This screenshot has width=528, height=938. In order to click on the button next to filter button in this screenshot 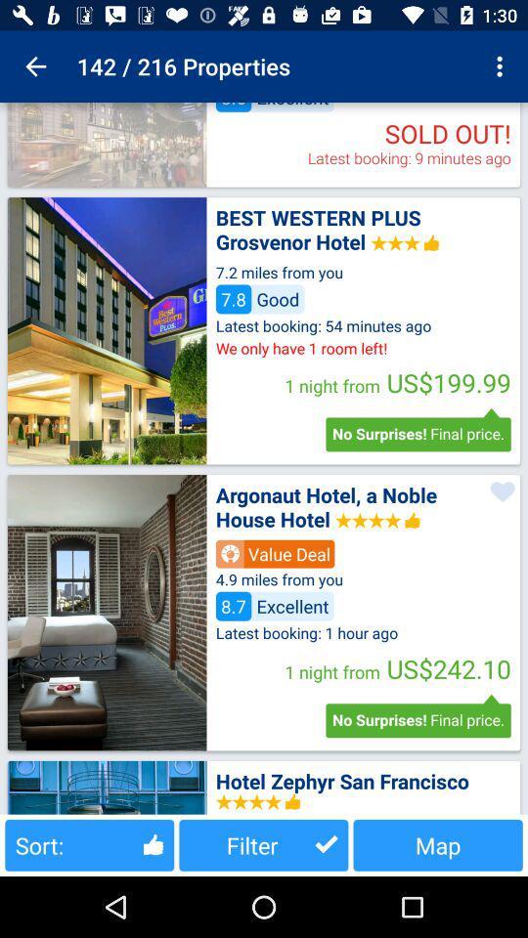, I will do `click(88, 844)`.